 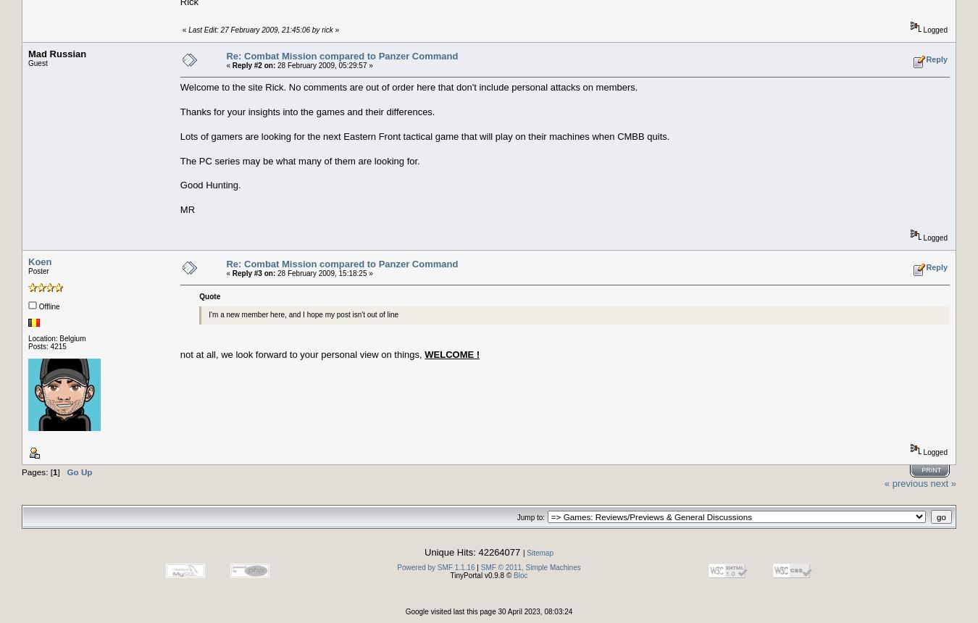 I want to click on 'not at all, we look forward to your personal view on things,', so click(x=302, y=353).